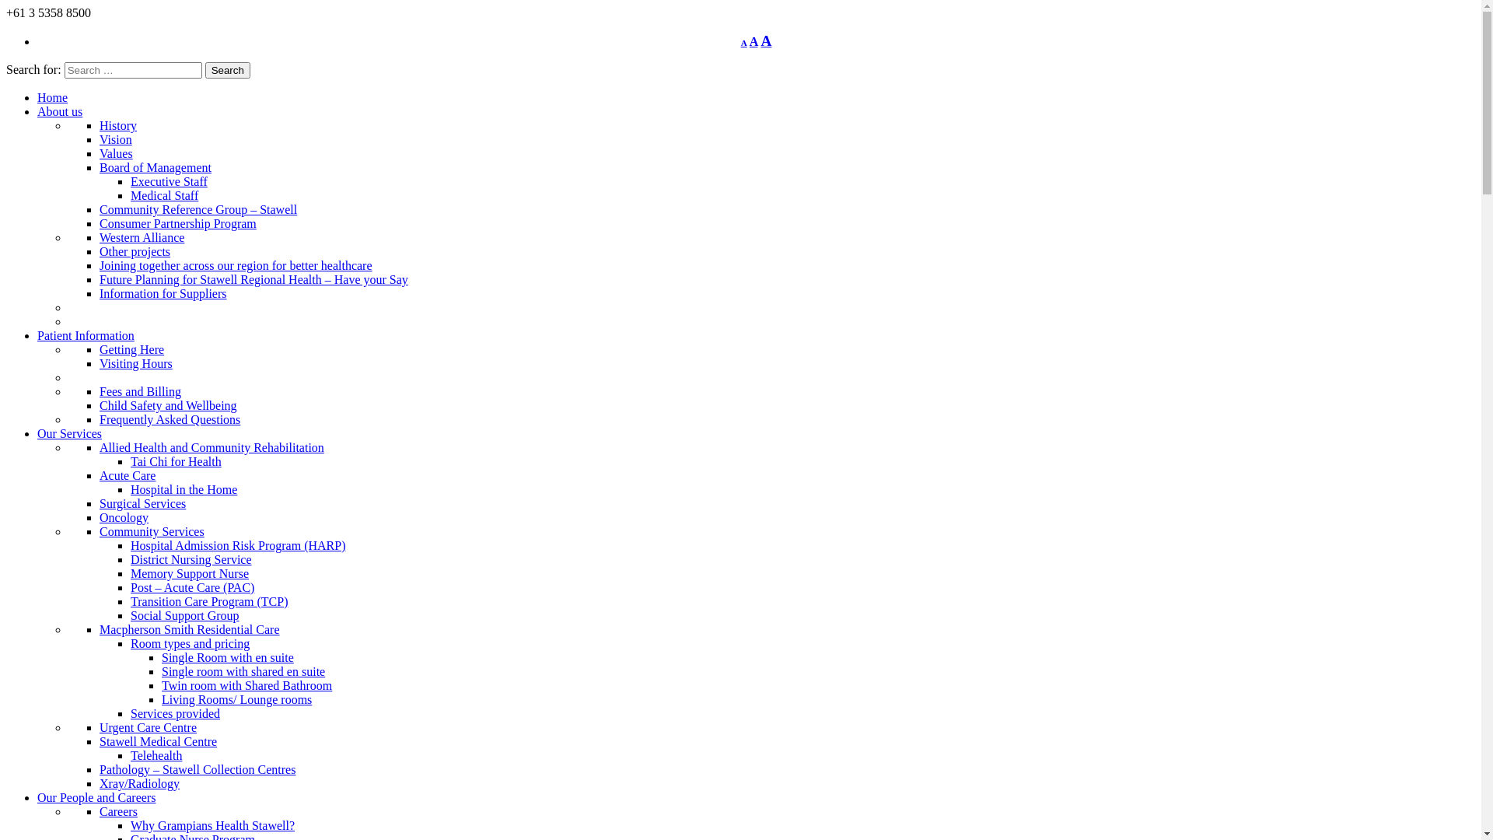 This screenshot has width=1493, height=840. Describe the element at coordinates (208, 600) in the screenshot. I see `'Transition Care Program (TCP)'` at that location.